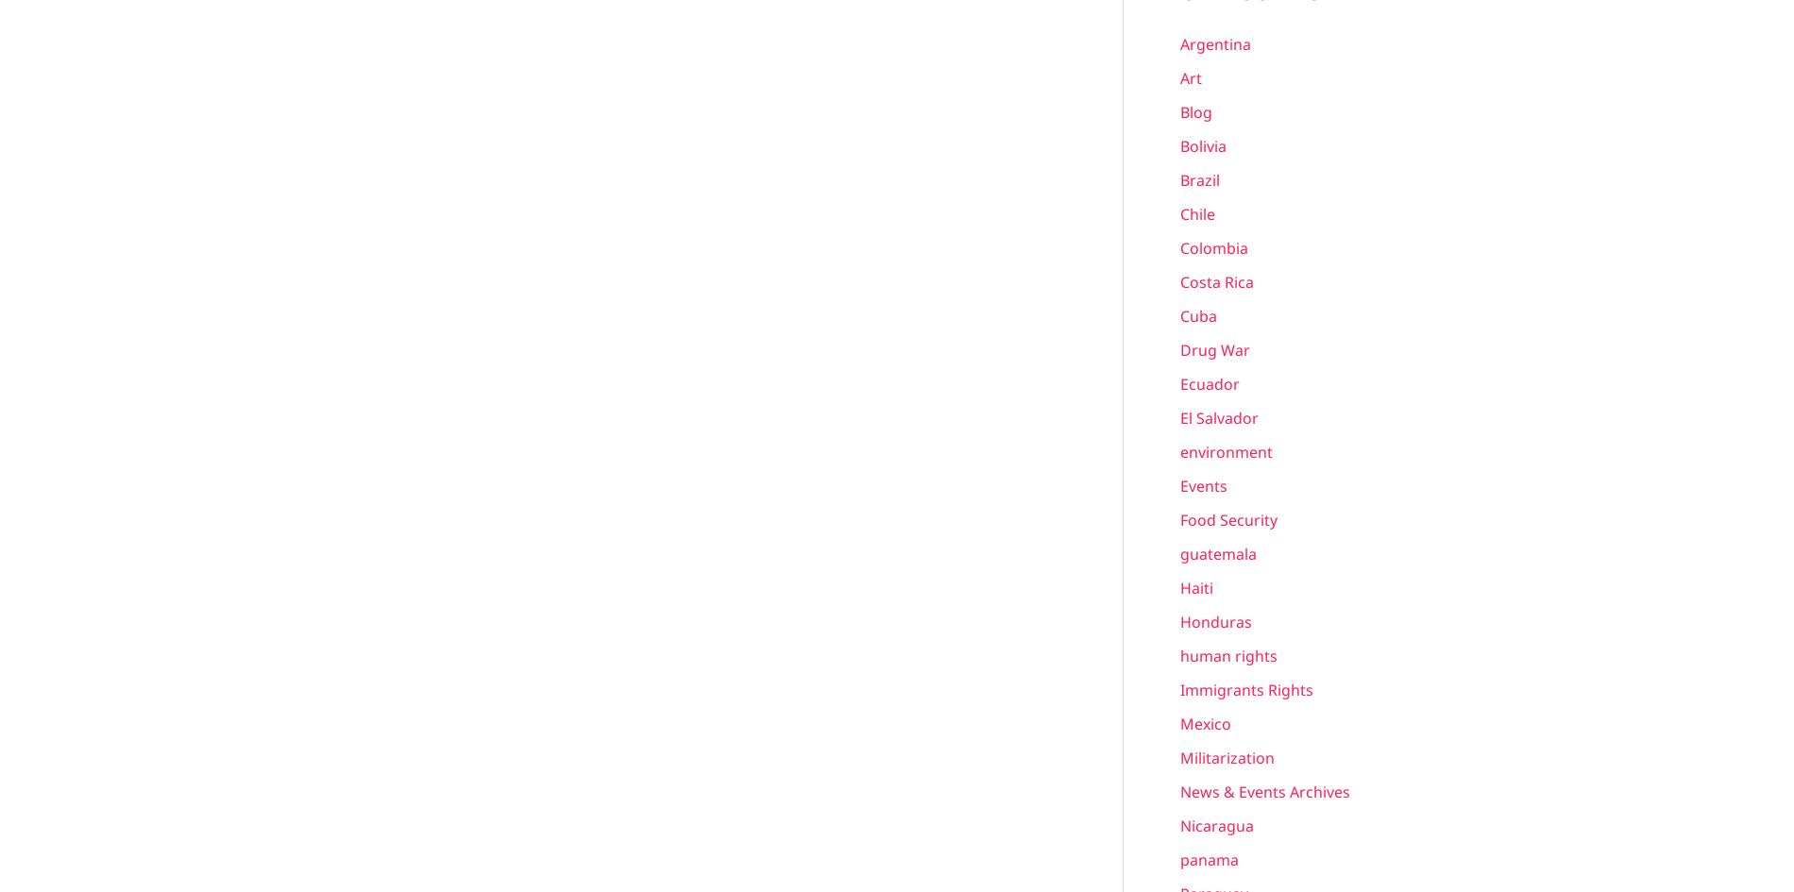 Image resolution: width=1794 pixels, height=892 pixels. What do you see at coordinates (1227, 520) in the screenshot?
I see `'Food Security'` at bounding box center [1227, 520].